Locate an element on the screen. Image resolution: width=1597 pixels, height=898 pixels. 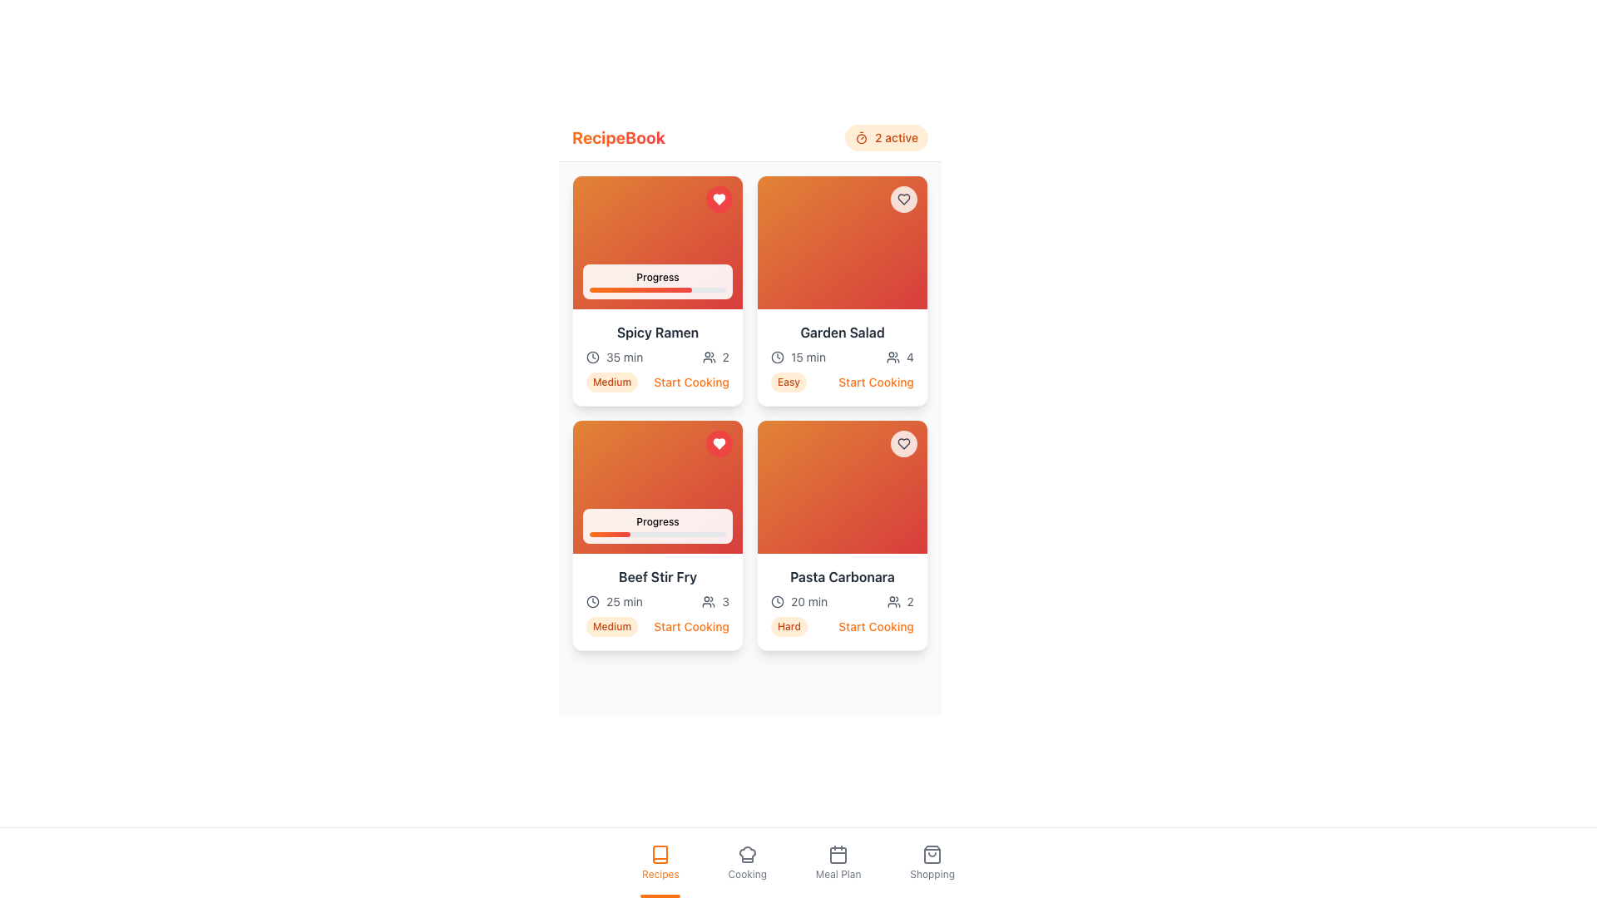
the label displaying '35 min' within the 'Spicy Ramen' card under the 'Progress' bar in the first column, first row of the grid layout is located at coordinates (624, 356).